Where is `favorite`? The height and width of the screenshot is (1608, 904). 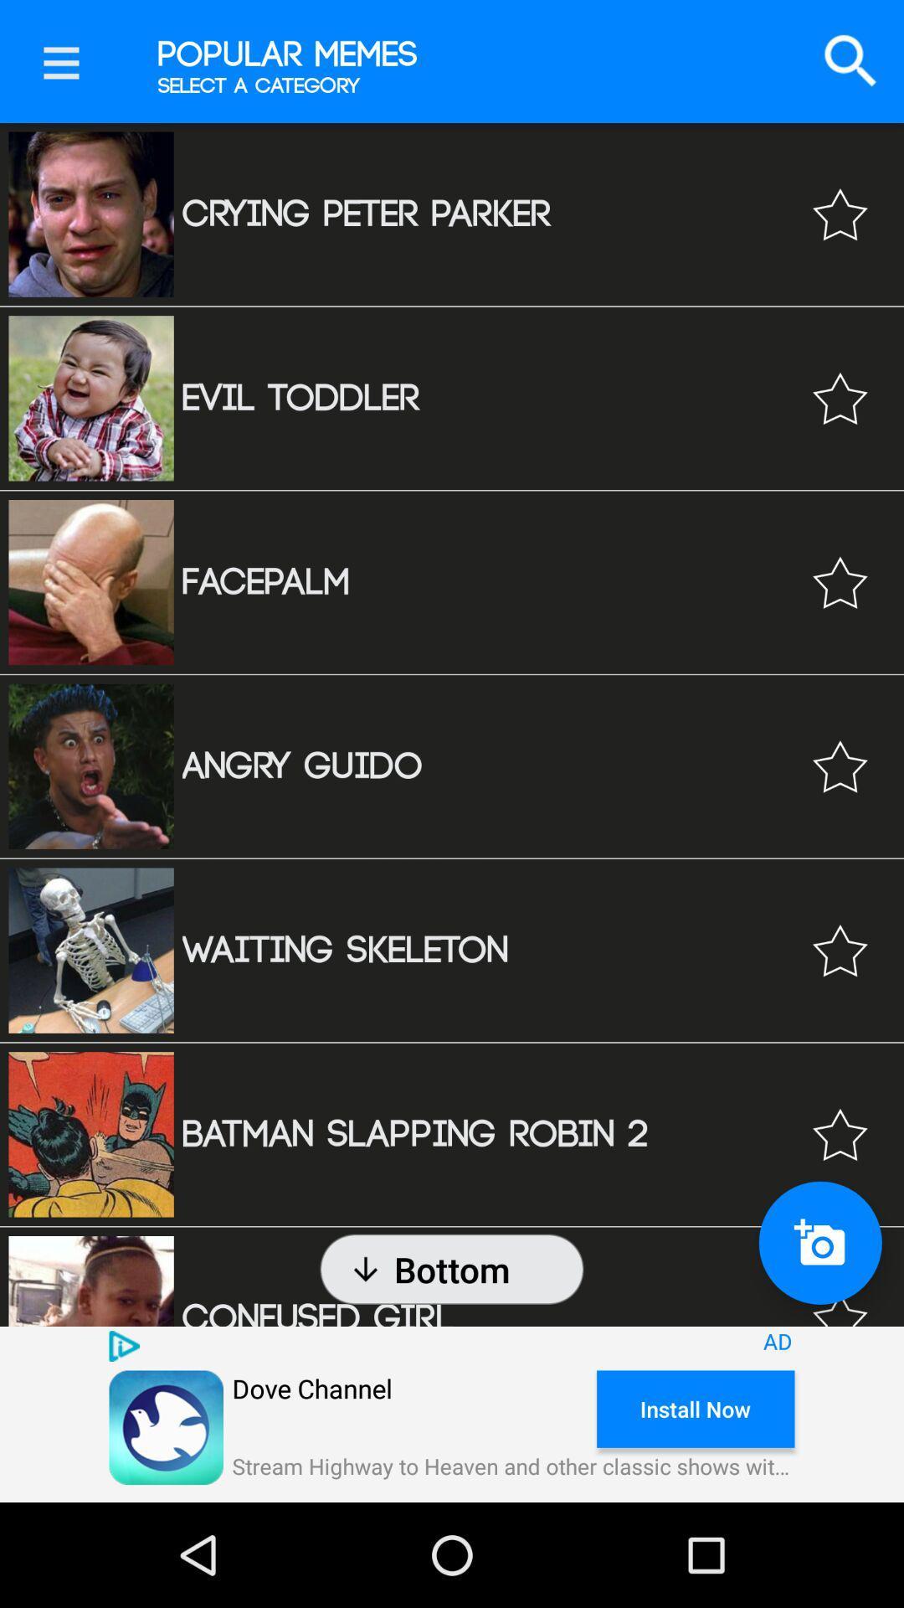 favorite is located at coordinates (840, 214).